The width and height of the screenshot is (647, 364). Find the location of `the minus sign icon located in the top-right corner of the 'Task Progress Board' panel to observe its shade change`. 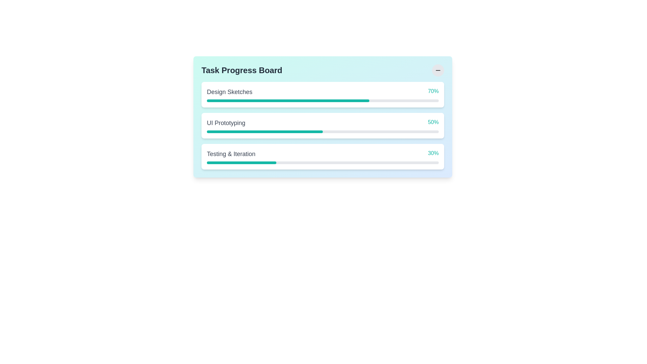

the minus sign icon located in the top-right corner of the 'Task Progress Board' panel to observe its shade change is located at coordinates (438, 70).